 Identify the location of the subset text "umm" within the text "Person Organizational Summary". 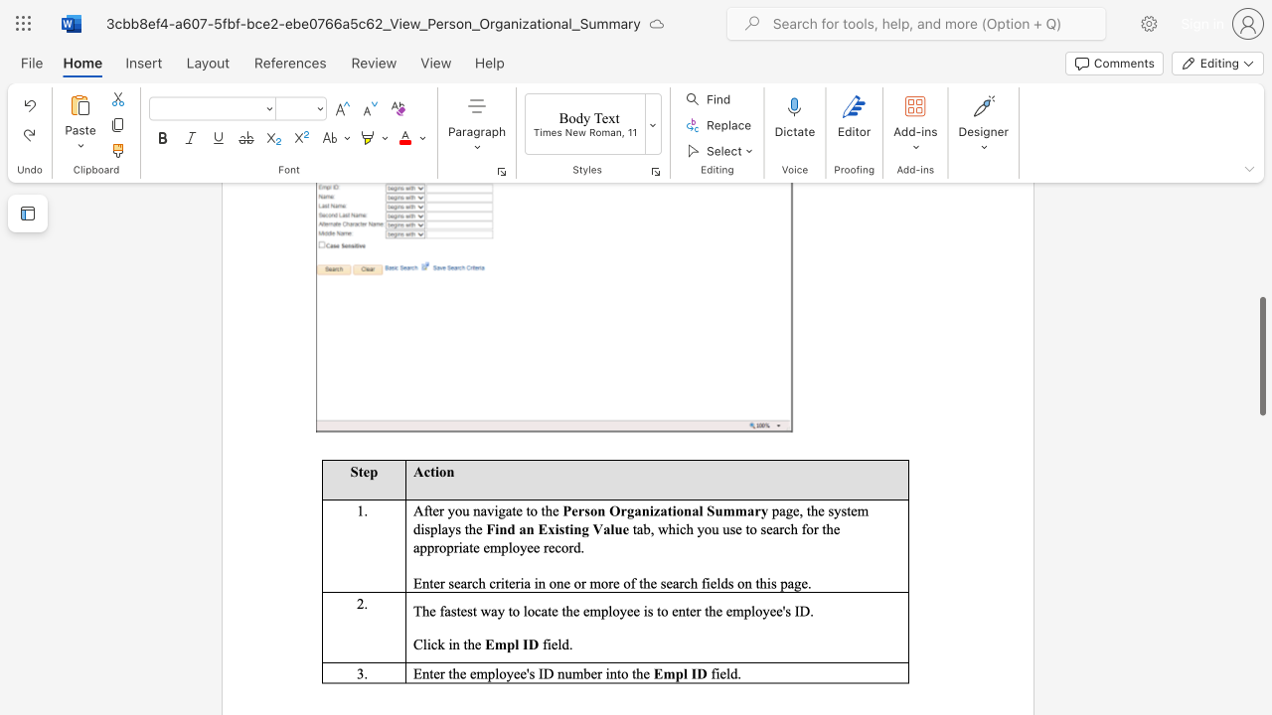
(715, 509).